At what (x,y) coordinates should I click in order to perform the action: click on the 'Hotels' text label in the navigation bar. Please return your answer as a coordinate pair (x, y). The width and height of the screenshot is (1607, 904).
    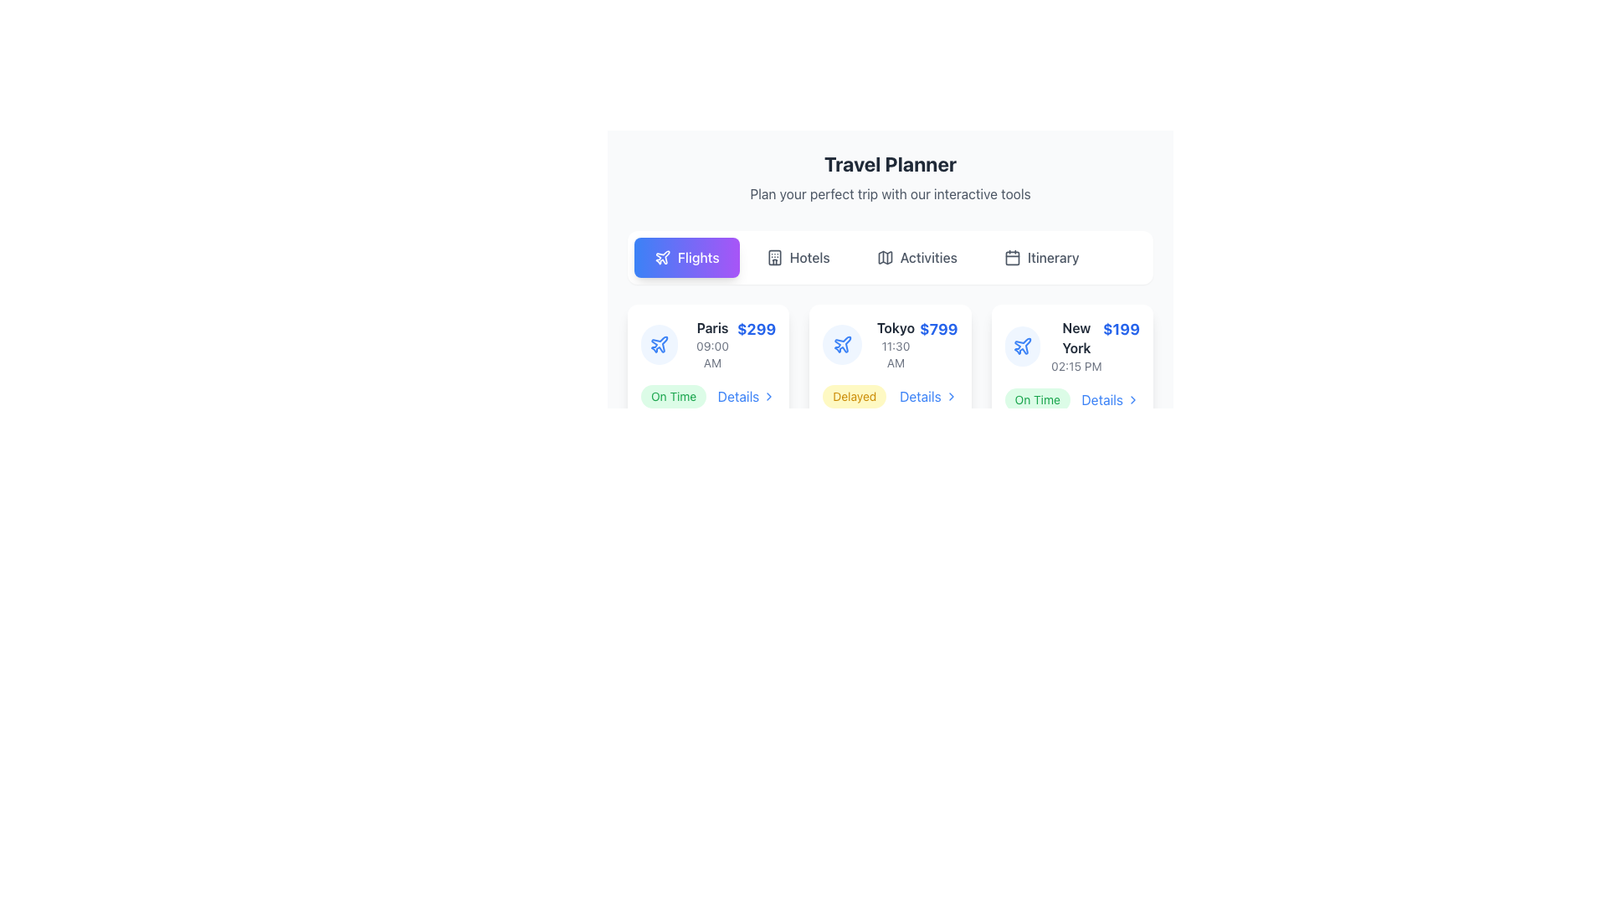
    Looking at the image, I should click on (809, 258).